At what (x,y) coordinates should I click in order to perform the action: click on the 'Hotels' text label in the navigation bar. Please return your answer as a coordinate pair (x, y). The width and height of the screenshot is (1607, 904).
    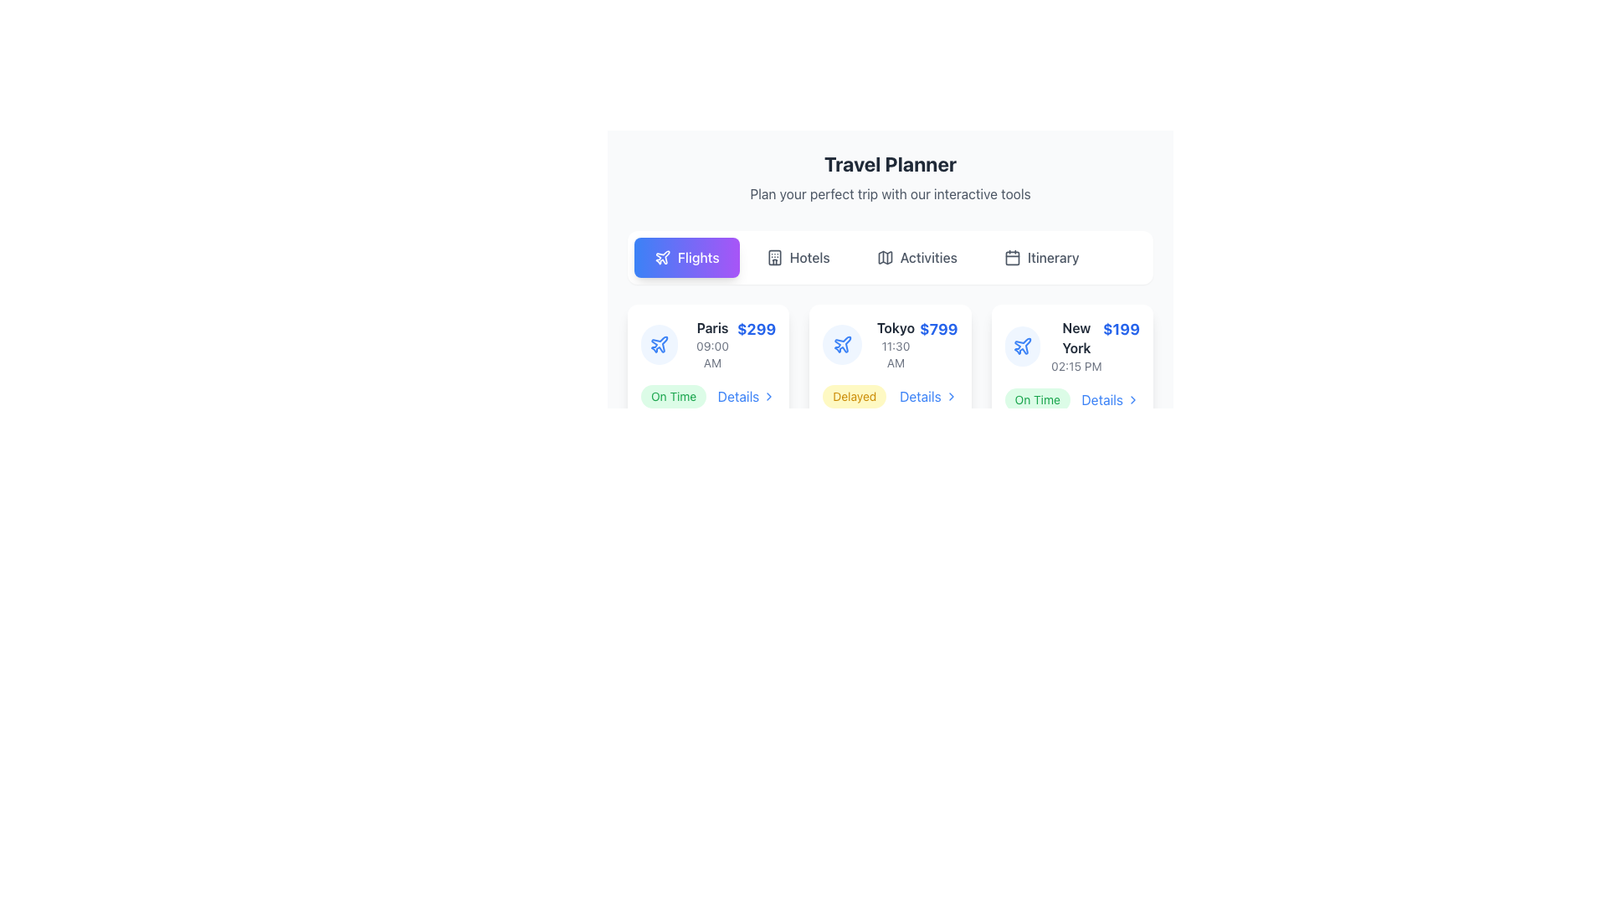
    Looking at the image, I should click on (809, 258).